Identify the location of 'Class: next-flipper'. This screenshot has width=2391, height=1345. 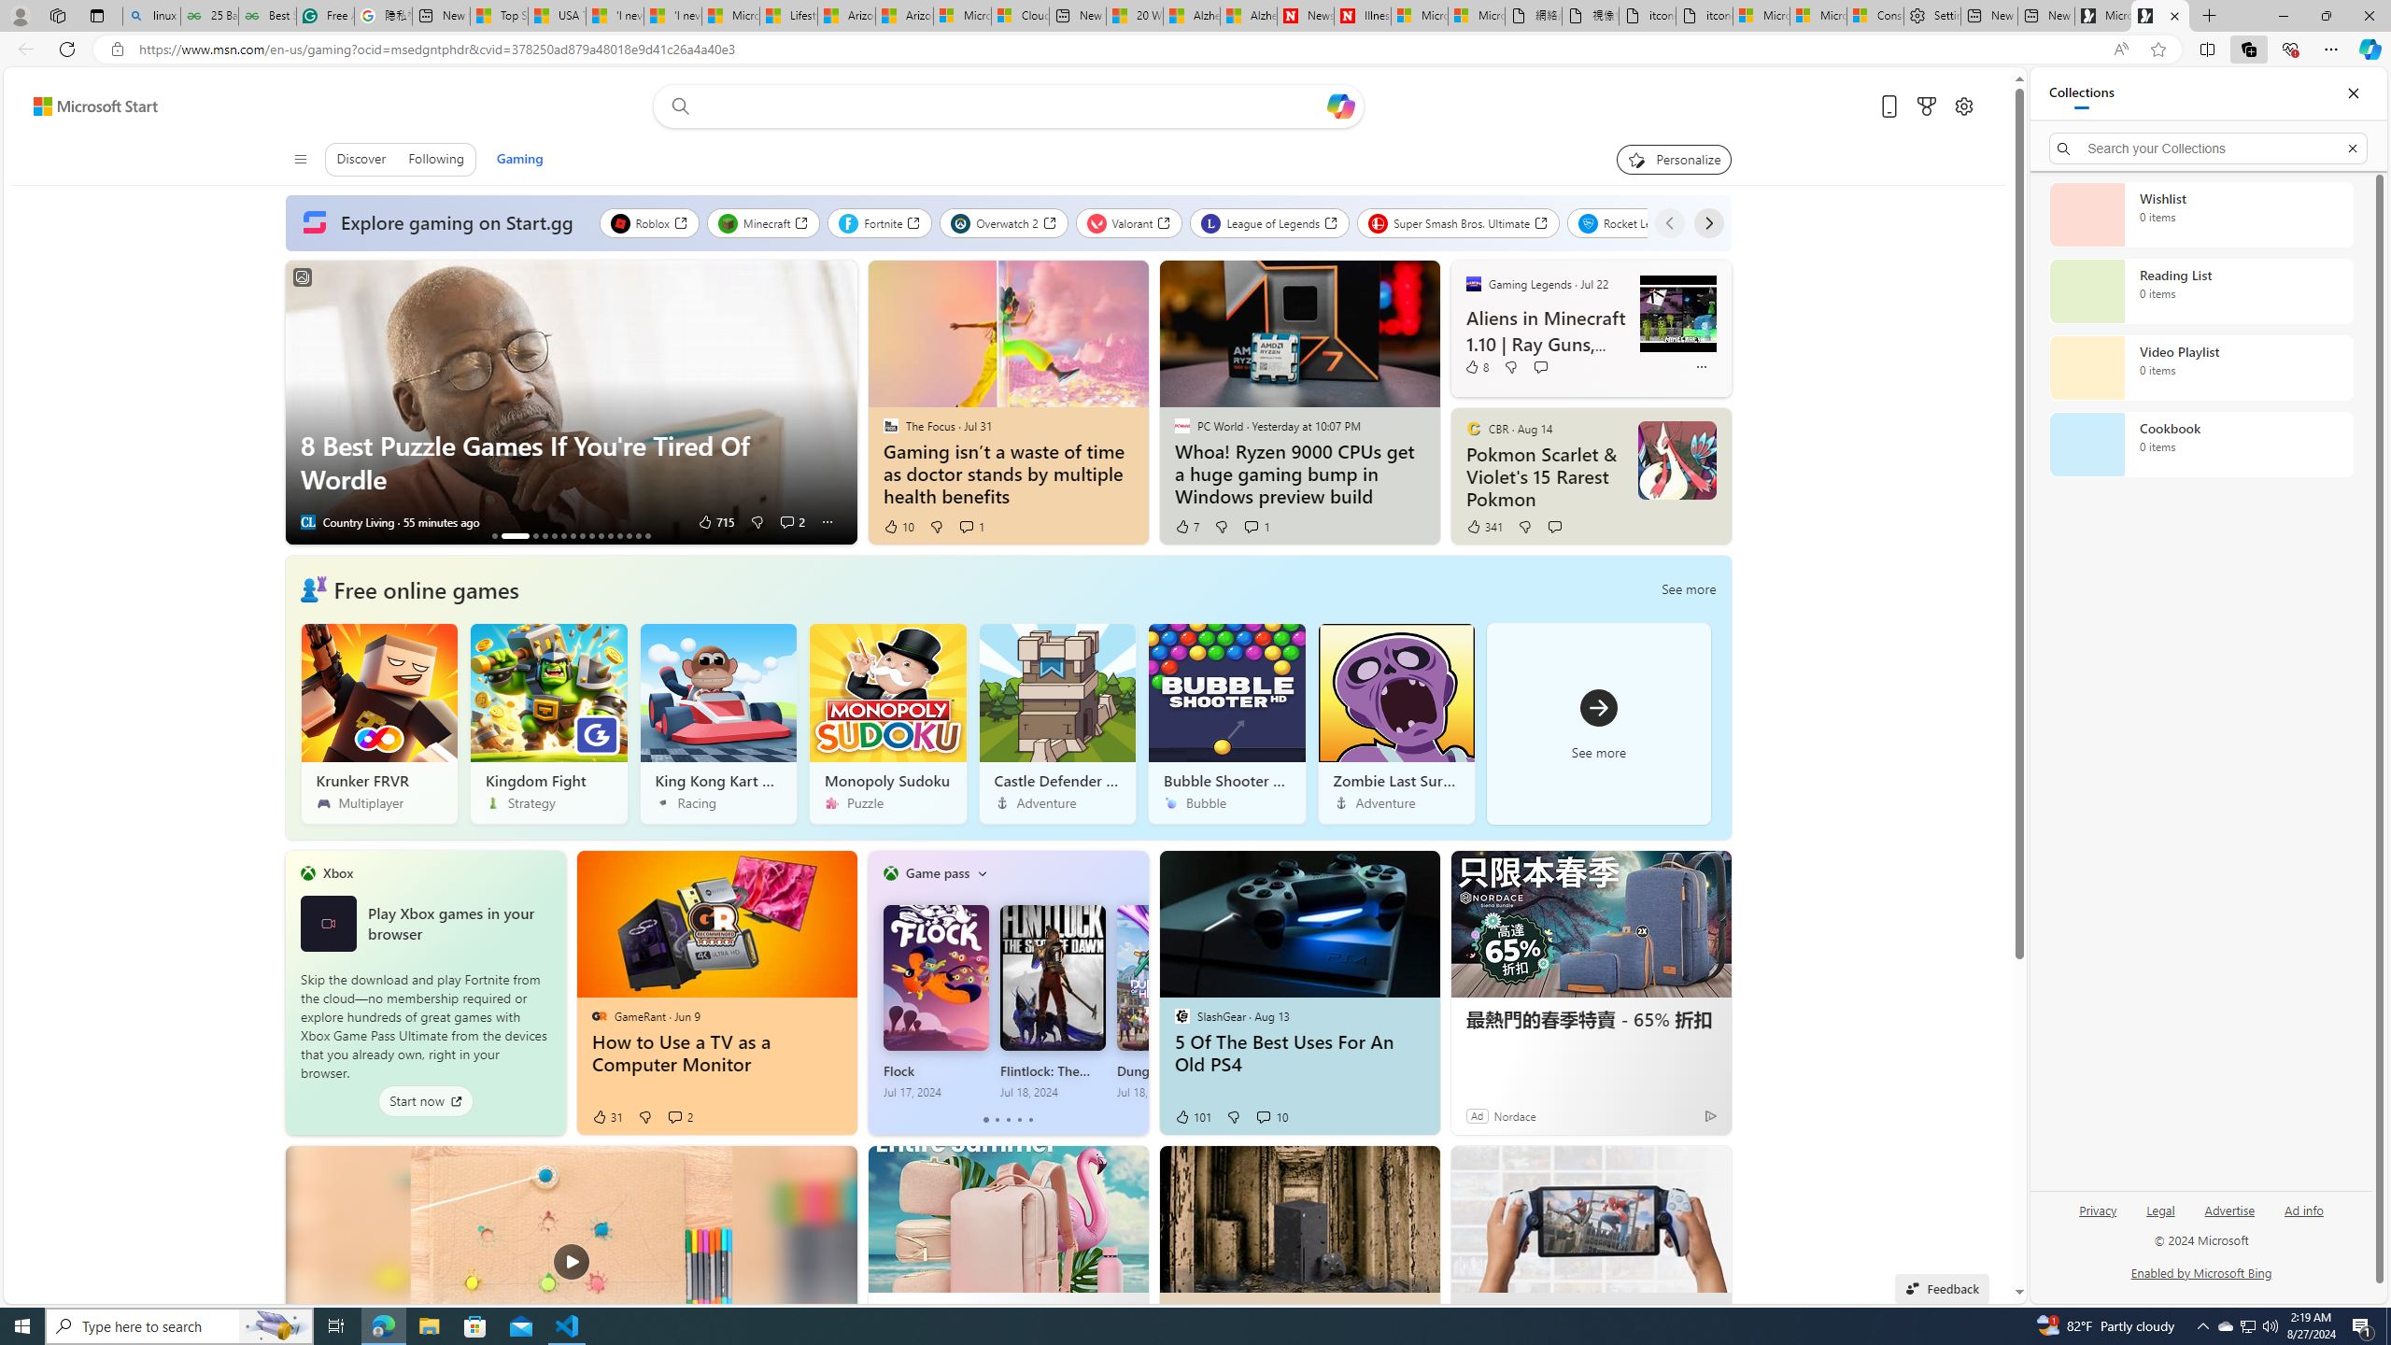
(1138, 991).